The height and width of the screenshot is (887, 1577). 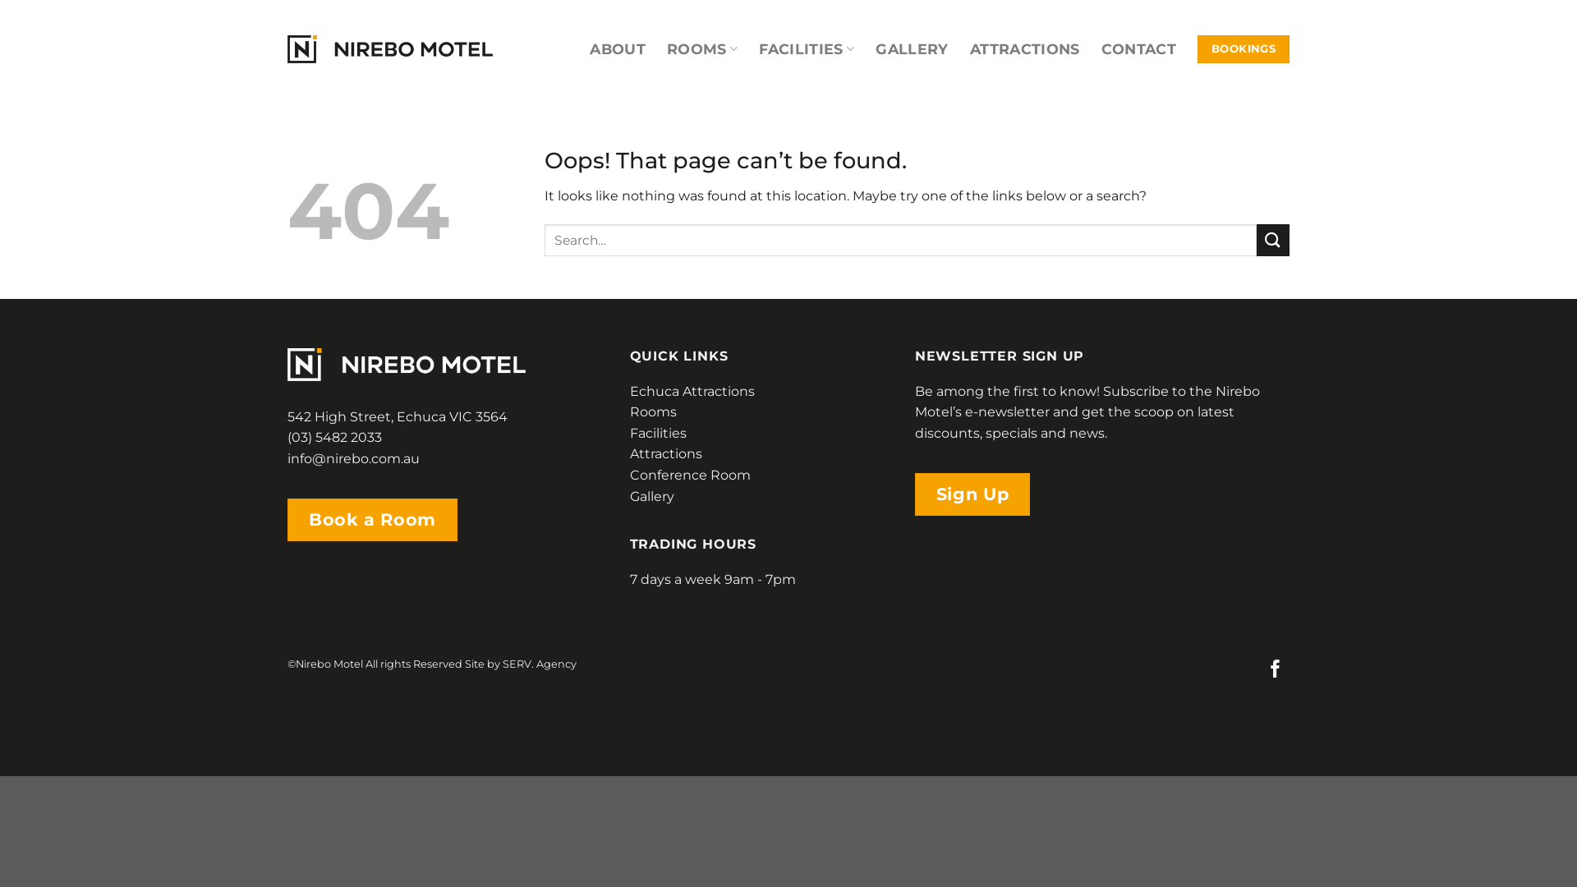 What do you see at coordinates (617, 48) in the screenshot?
I see `'ABOUT'` at bounding box center [617, 48].